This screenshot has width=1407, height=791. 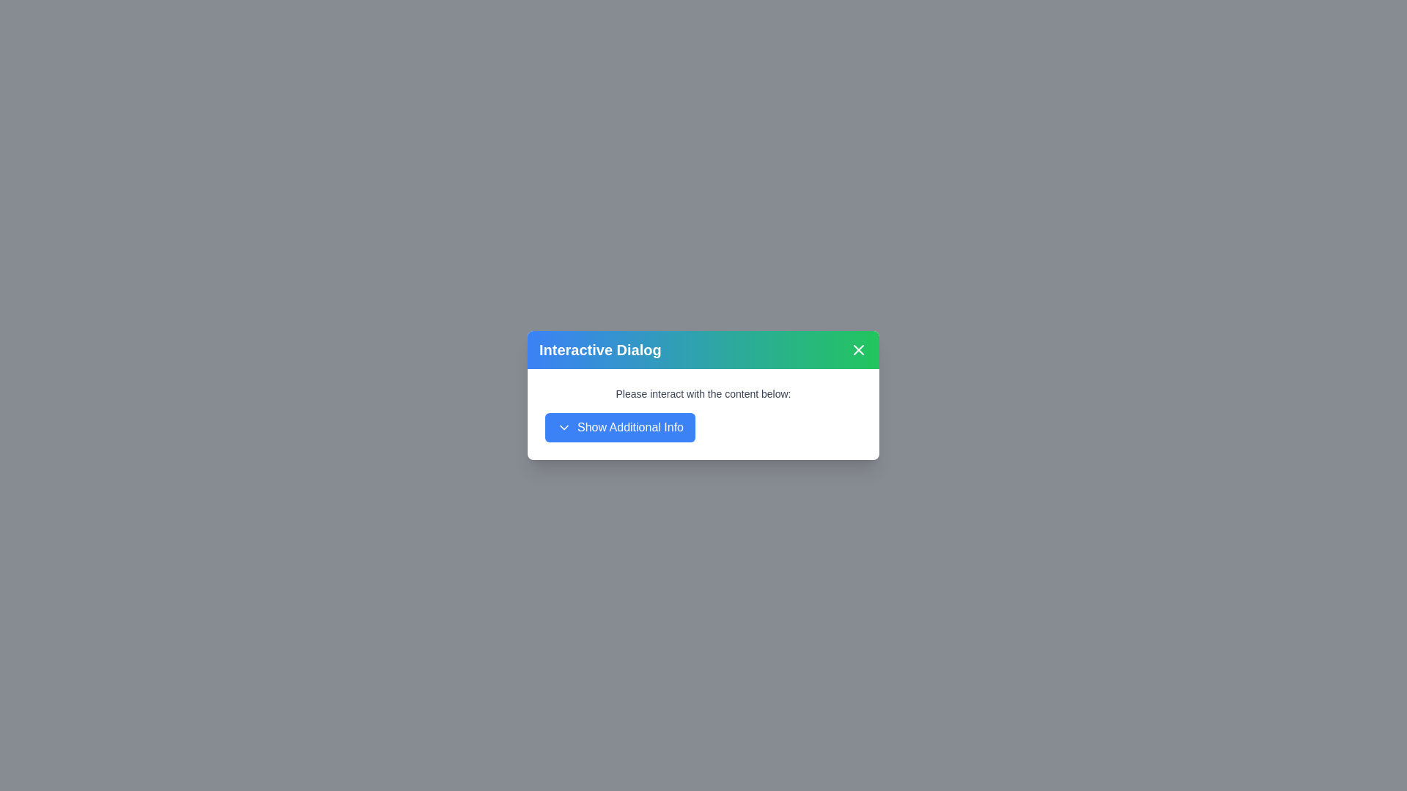 I want to click on the static text label that serves as the title of the dialog, which is centered horizontally within the gradient background header, so click(x=600, y=350).